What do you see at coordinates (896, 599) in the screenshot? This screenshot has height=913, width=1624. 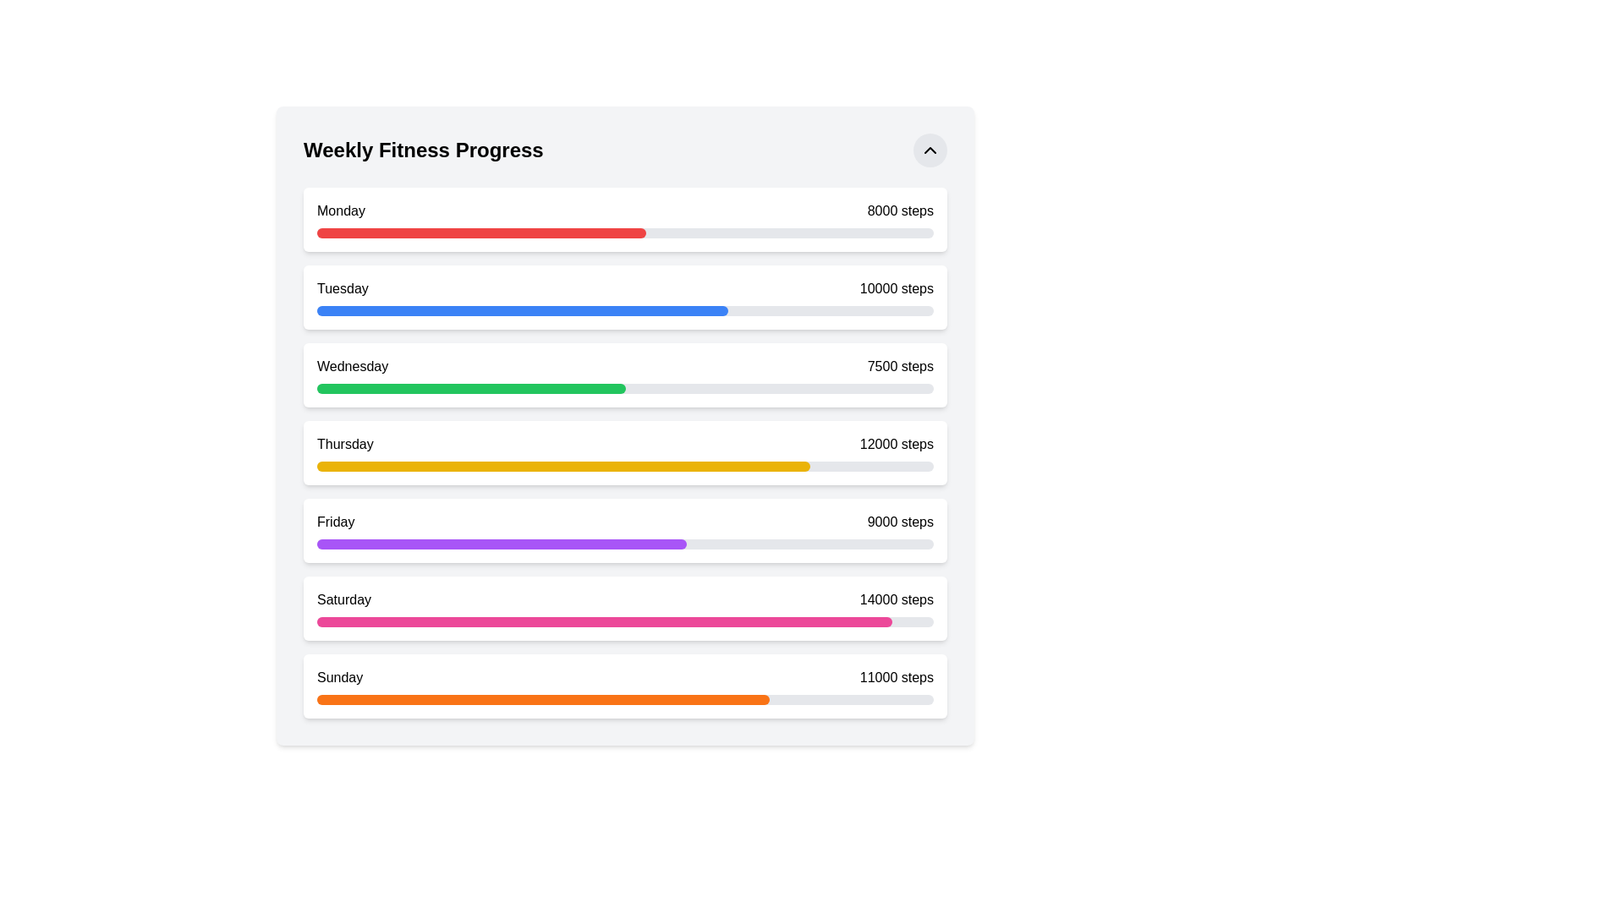 I see `displayed text from the Text label that represents the step count for Saturday, positioned towards the right end of the row` at bounding box center [896, 599].